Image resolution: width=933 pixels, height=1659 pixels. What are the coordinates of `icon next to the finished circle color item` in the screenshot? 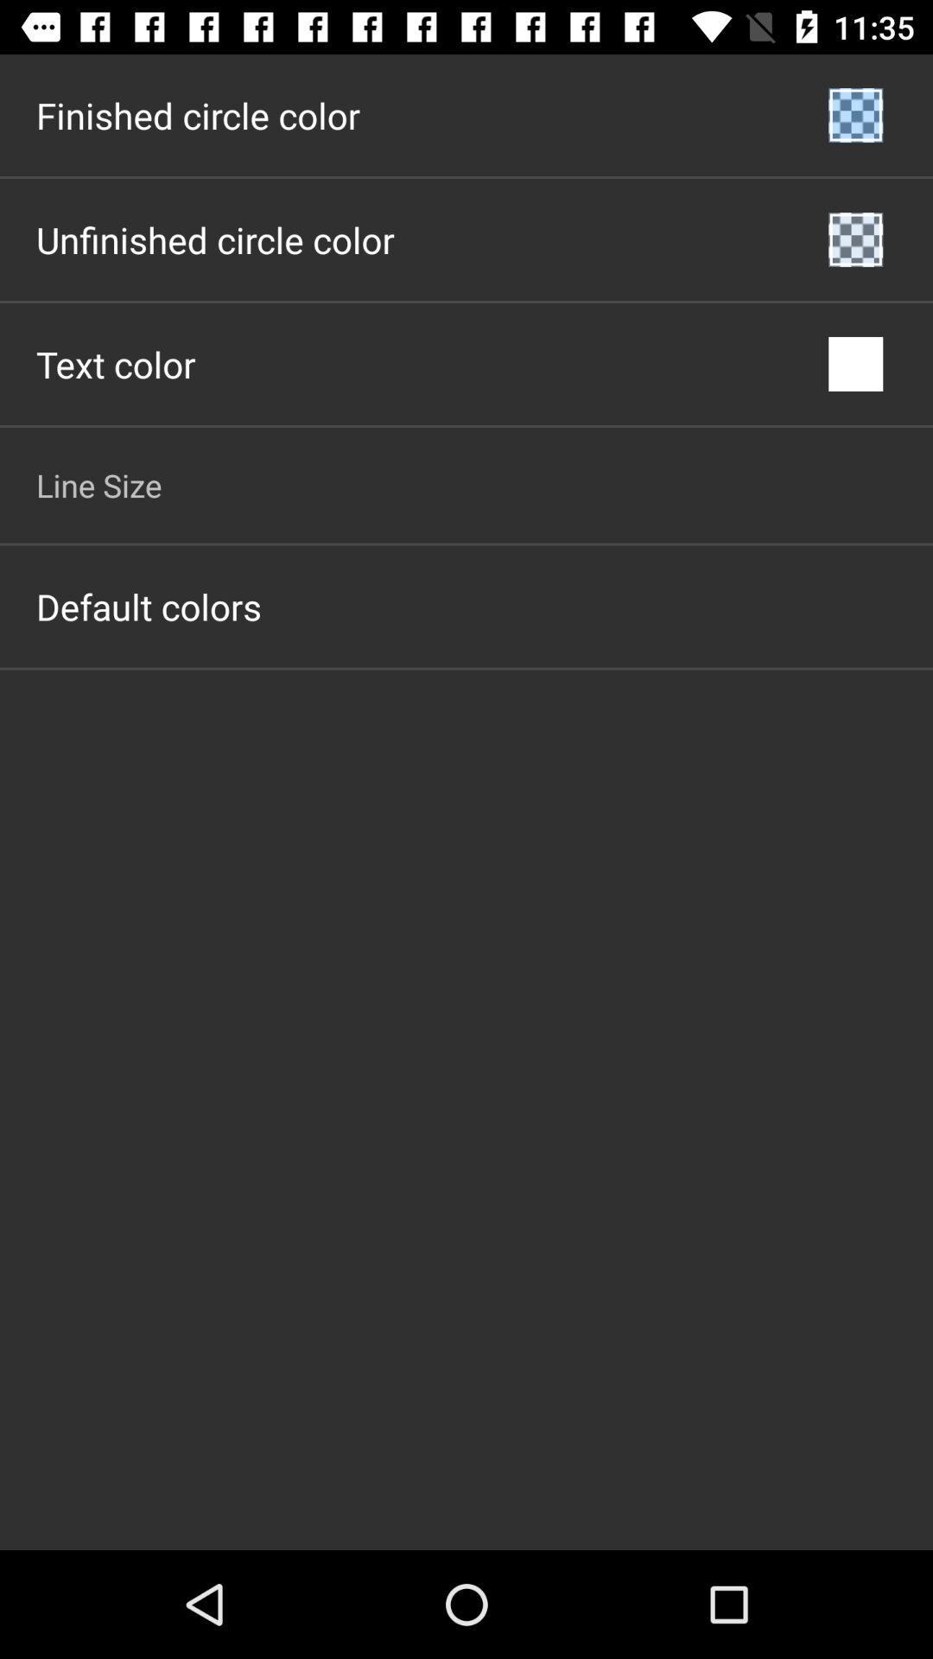 It's located at (855, 114).